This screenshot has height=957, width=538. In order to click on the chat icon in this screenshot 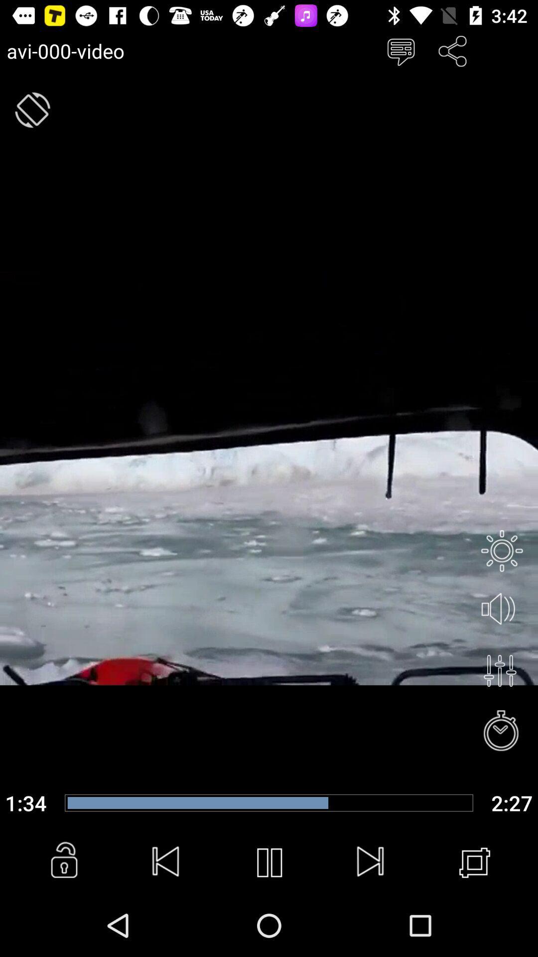, I will do `click(400, 50)`.